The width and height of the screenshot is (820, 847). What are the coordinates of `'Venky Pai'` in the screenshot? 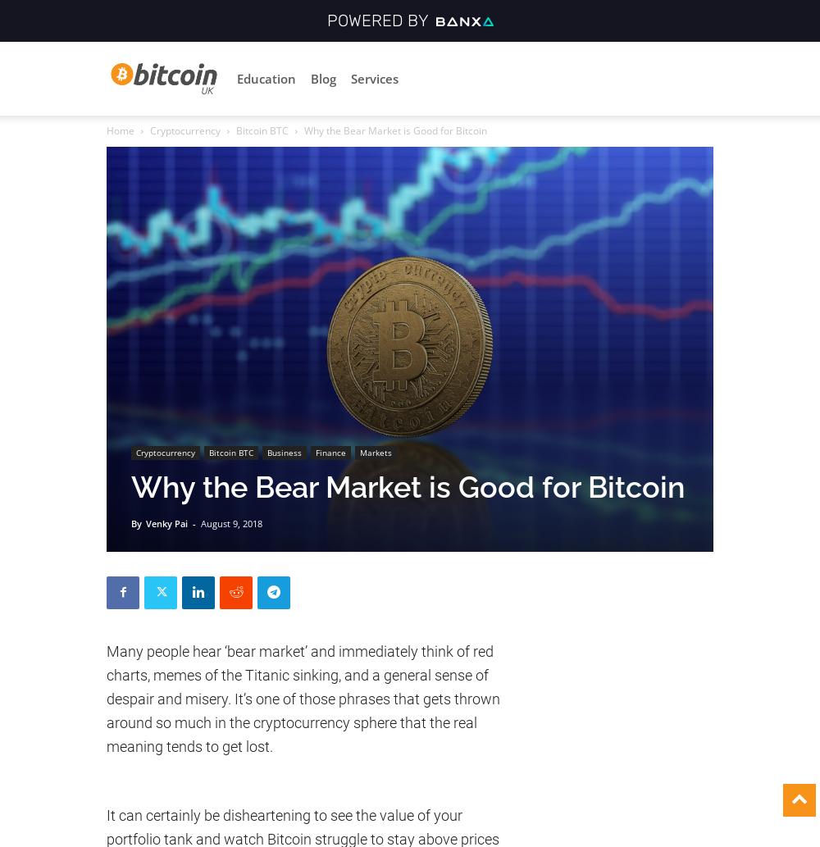 It's located at (166, 521).